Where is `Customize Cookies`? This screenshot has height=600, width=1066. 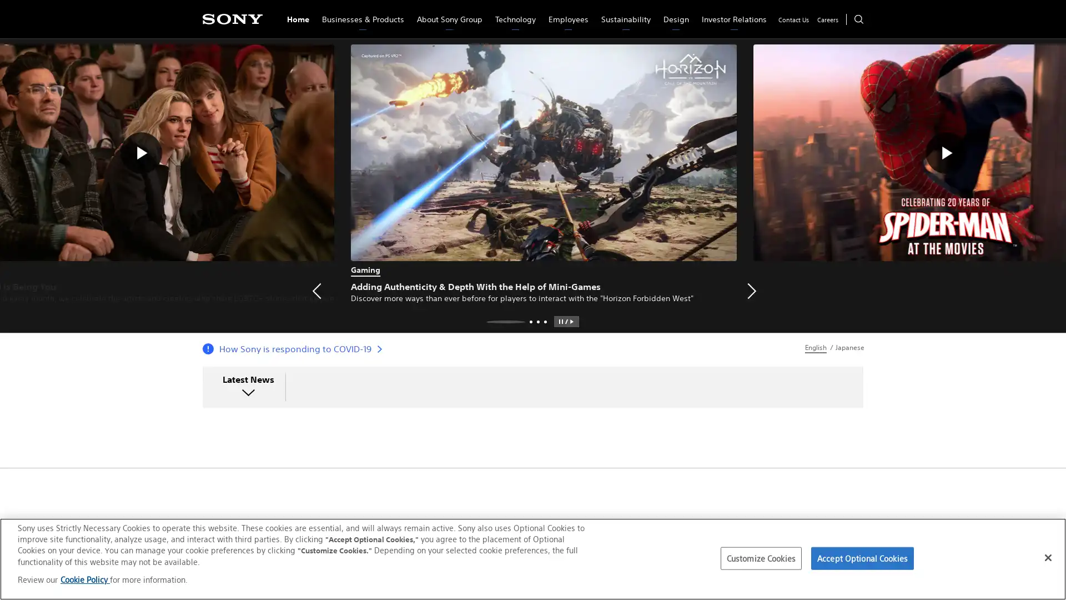 Customize Cookies is located at coordinates (760, 558).